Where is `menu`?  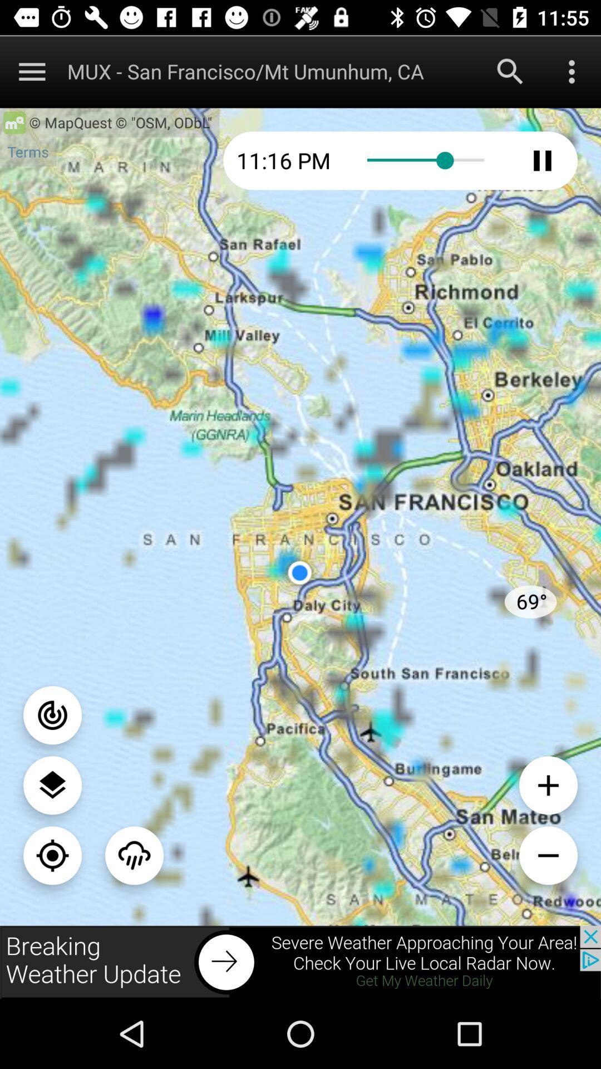
menu is located at coordinates (134, 855).